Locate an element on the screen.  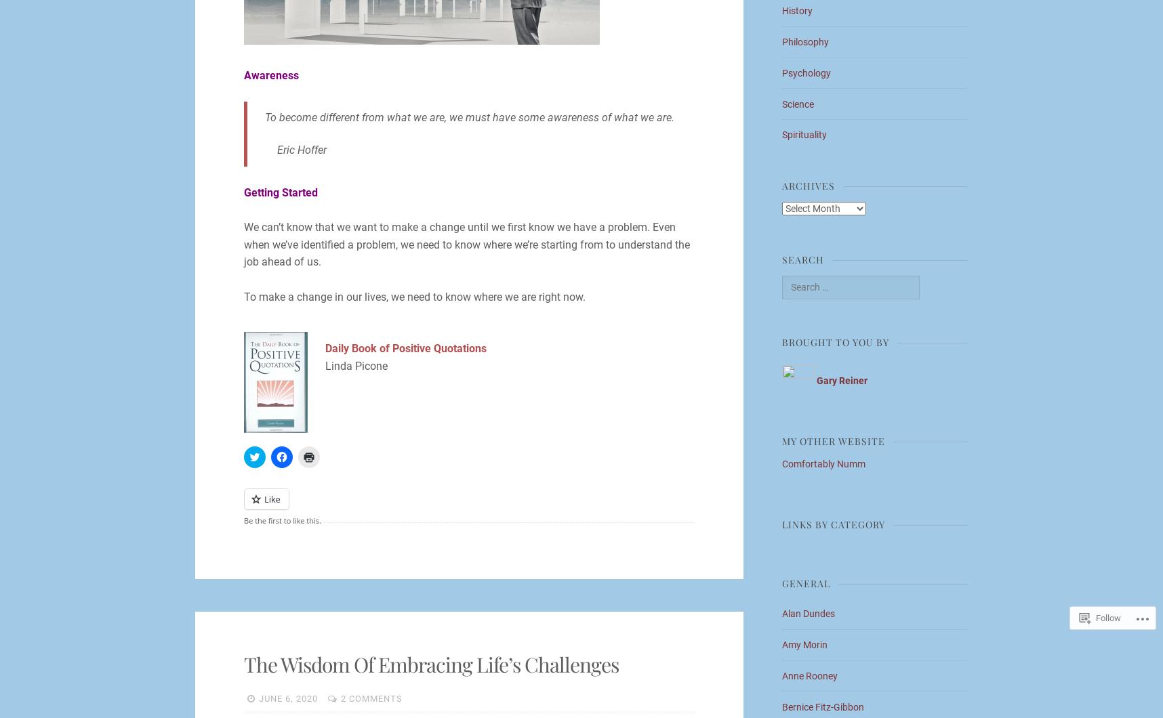
'Comfortably Numm' is located at coordinates (823, 463).